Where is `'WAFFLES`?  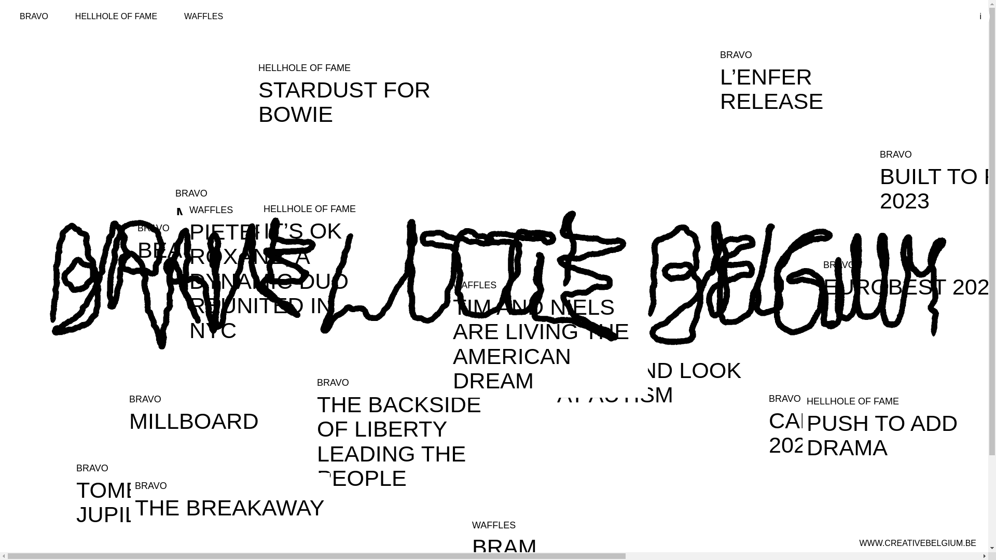 'WAFFLES is located at coordinates (185, 271).